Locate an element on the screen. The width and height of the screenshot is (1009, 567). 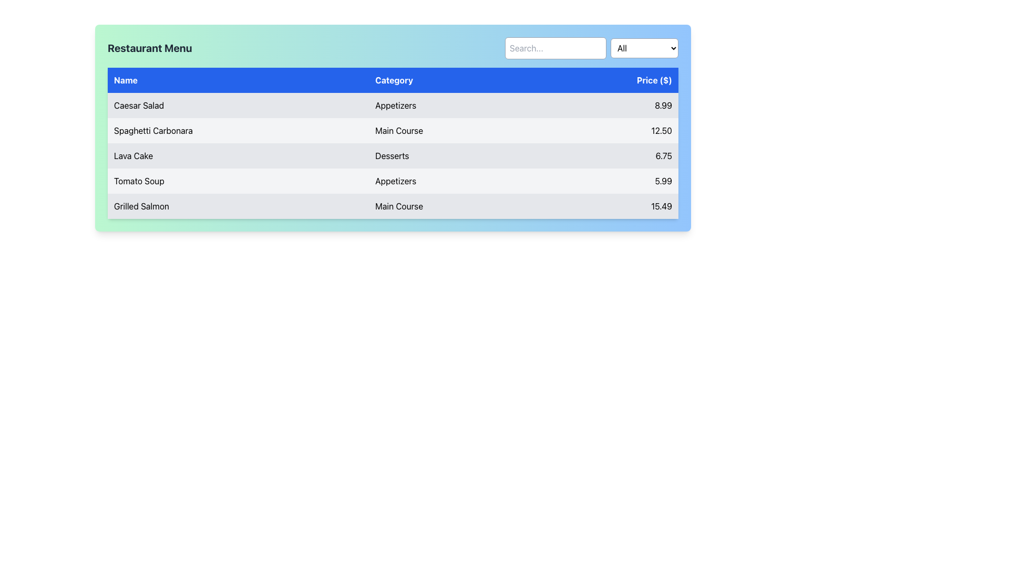
numerical value '15.49' displayed in the right-aligned light gray table row for 'Grilled Salmon' in the 'Price ($)' column is located at coordinates (610, 206).